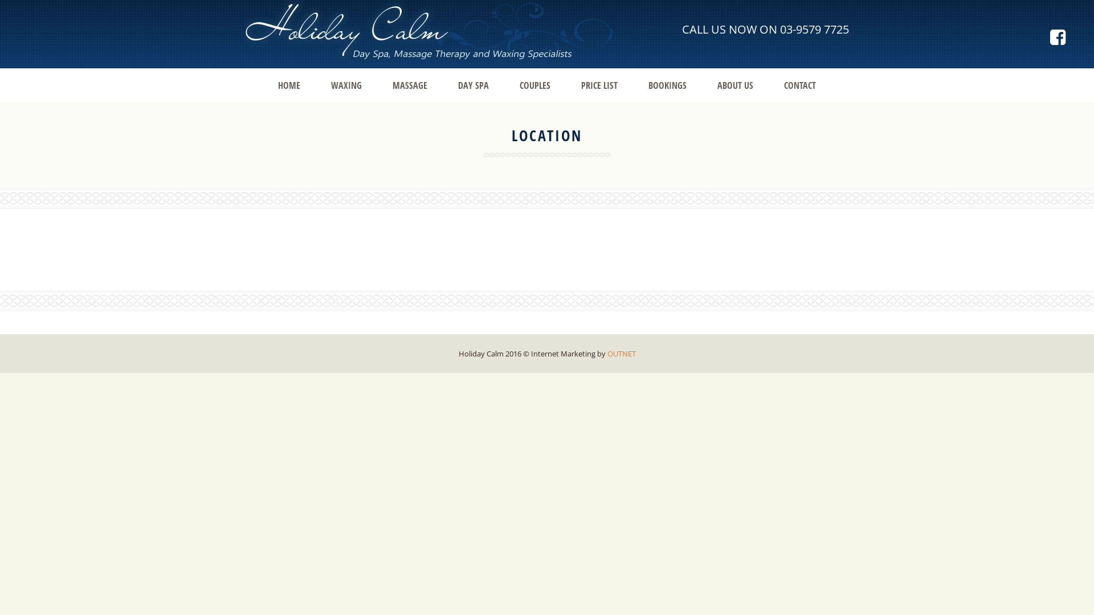  I want to click on 'BOOKINGS', so click(667, 85).